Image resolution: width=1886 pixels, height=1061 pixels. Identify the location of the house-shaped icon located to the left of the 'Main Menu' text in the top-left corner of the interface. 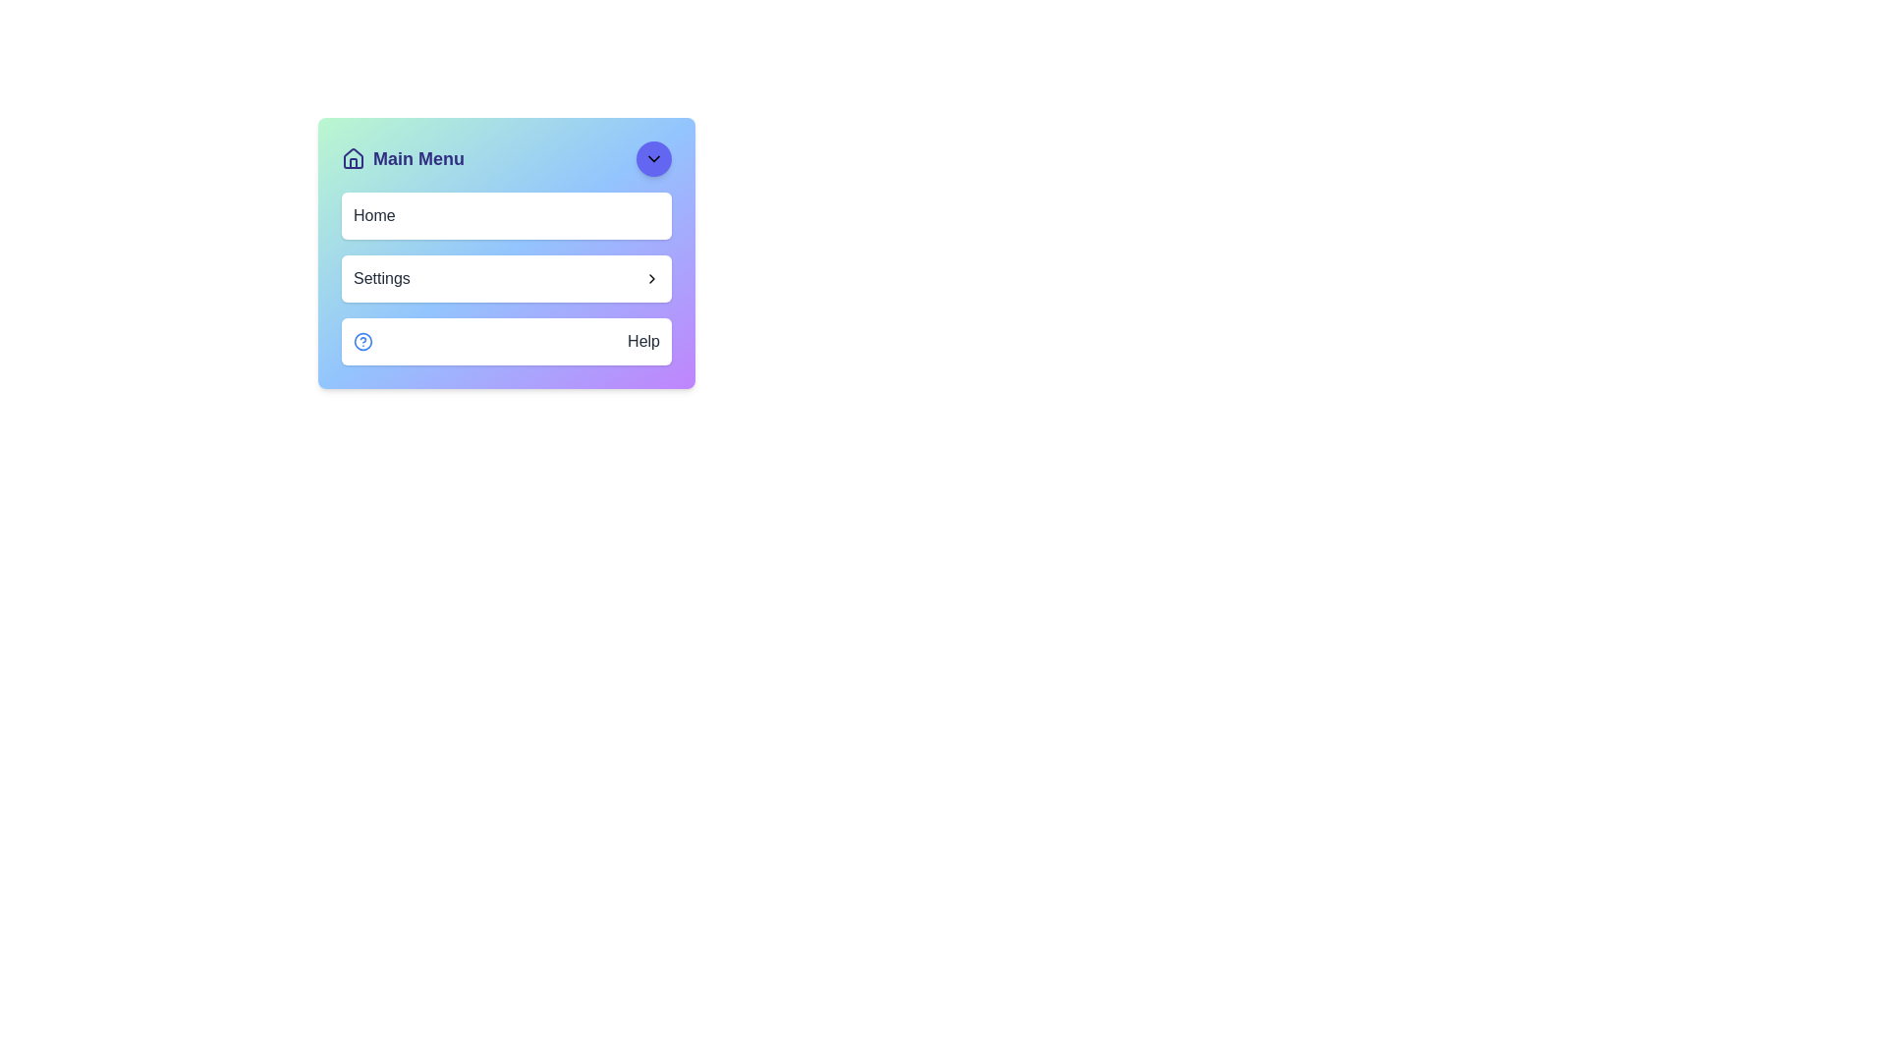
(354, 157).